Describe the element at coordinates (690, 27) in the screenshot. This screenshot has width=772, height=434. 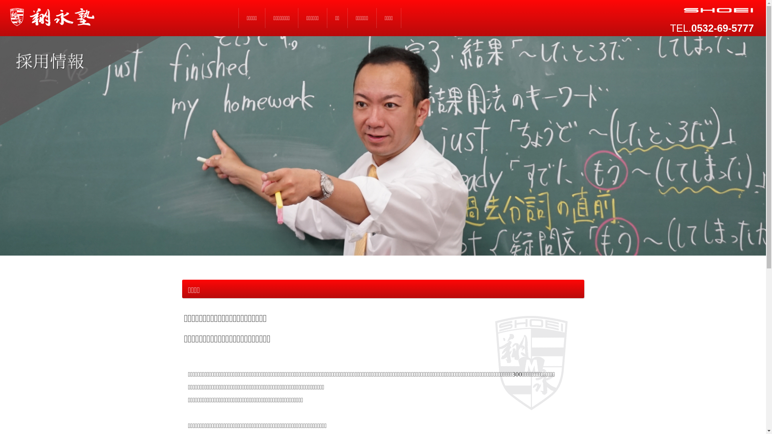
I see `'0532-69-5777'` at that location.